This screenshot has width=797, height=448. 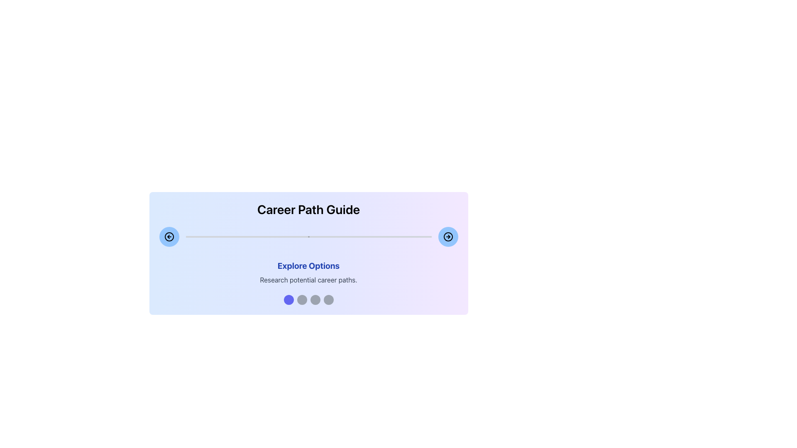 What do you see at coordinates (308, 299) in the screenshot?
I see `the specific circle in the Progress Indicator with Interactive Steps` at bounding box center [308, 299].